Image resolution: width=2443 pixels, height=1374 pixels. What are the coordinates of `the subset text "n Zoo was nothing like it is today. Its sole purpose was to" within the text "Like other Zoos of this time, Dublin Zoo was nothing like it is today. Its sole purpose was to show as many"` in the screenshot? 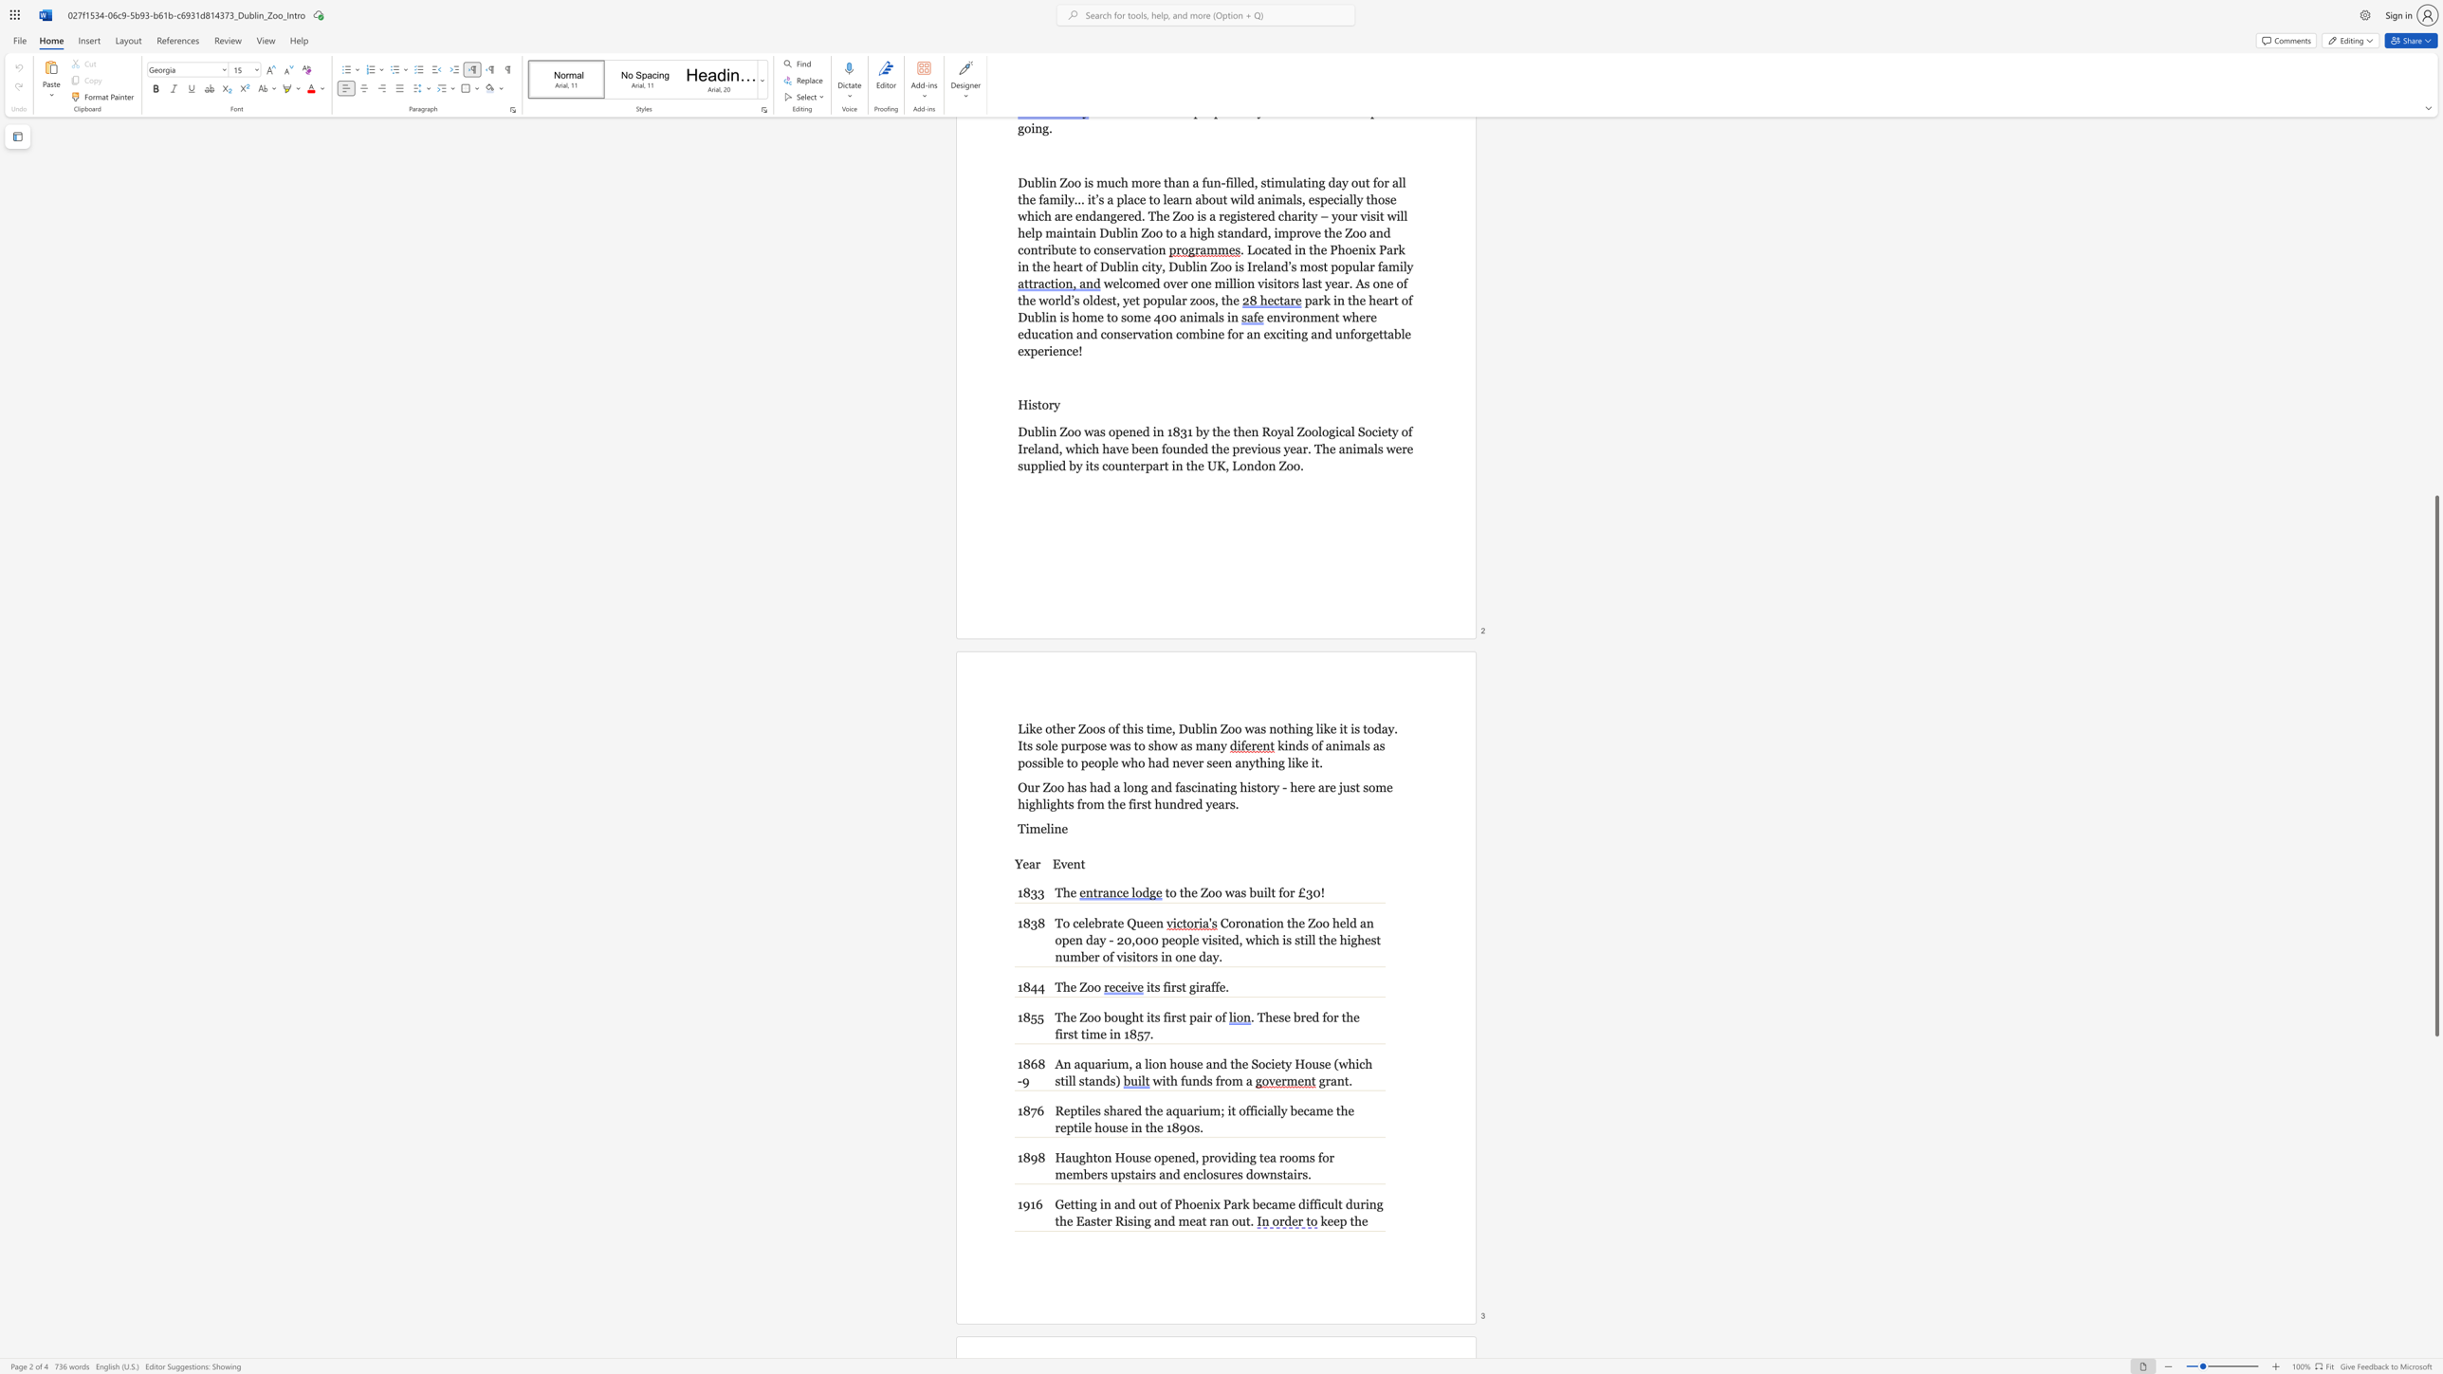 It's located at (1209, 728).